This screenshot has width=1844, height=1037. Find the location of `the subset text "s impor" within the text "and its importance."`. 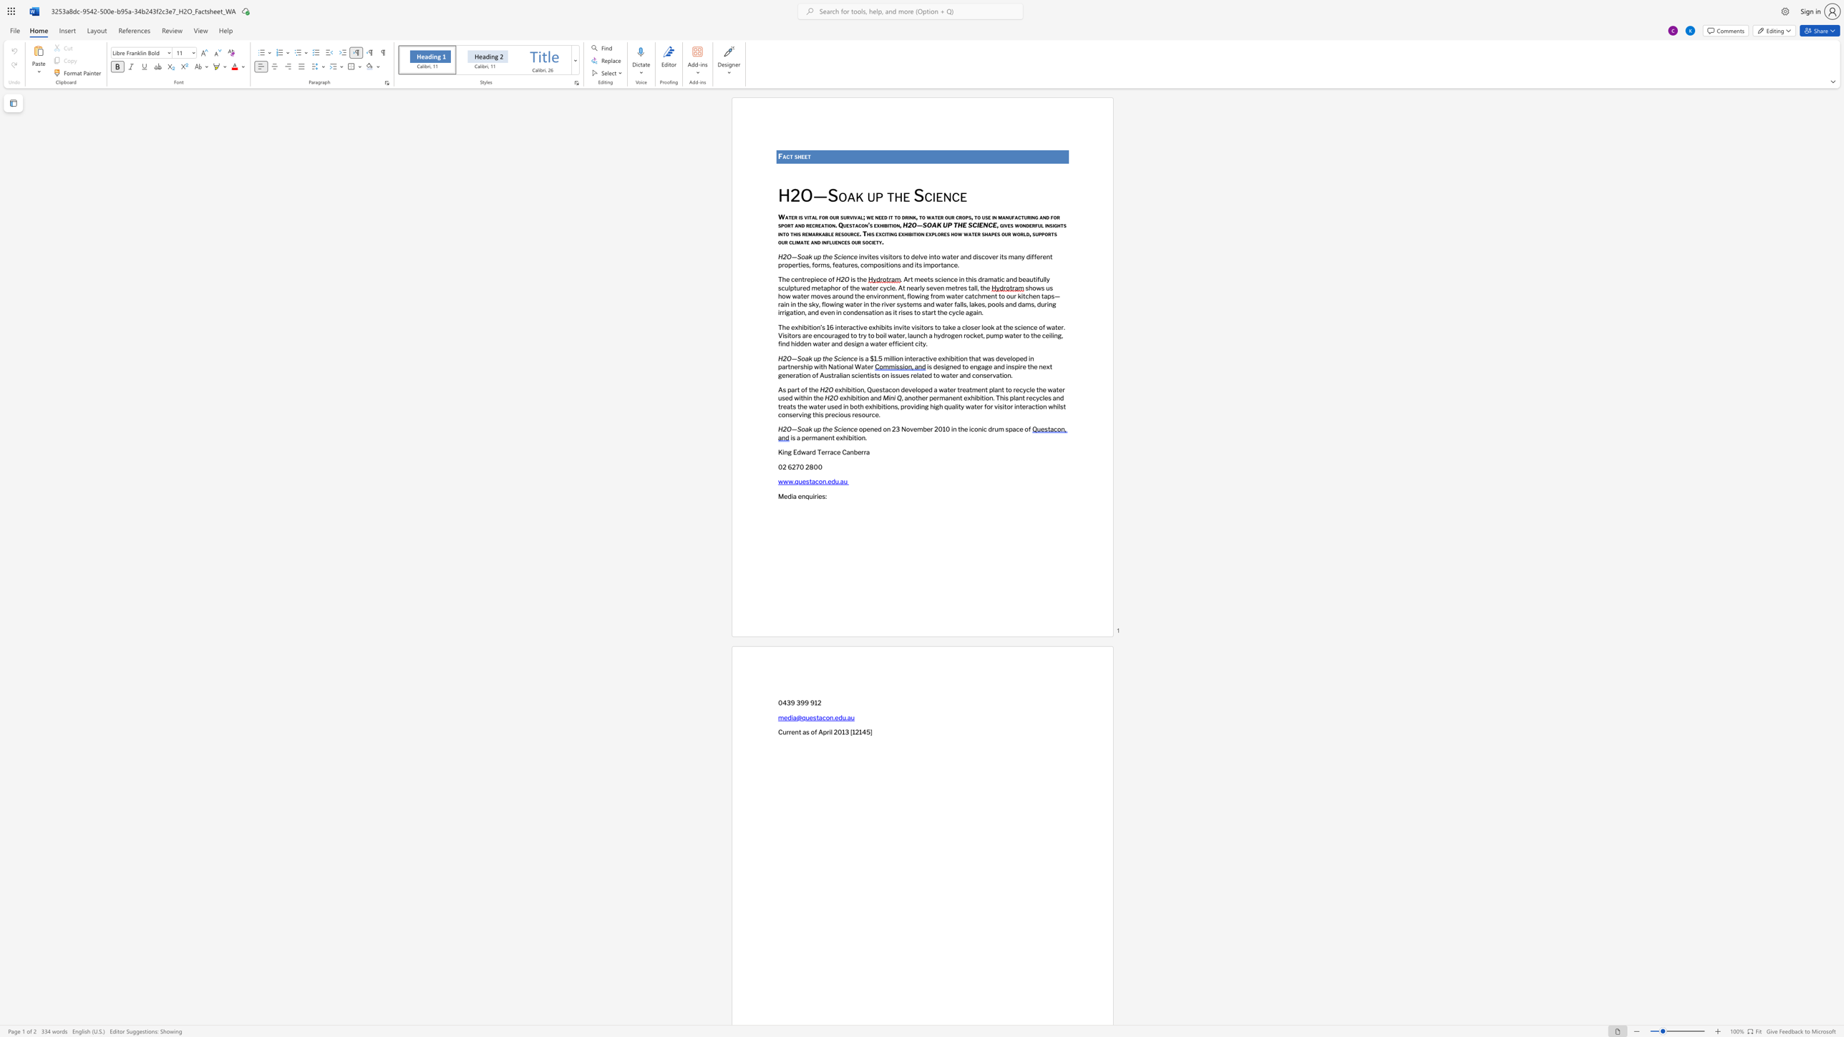

the subset text "s impor" within the text "and its importance." is located at coordinates (918, 264).